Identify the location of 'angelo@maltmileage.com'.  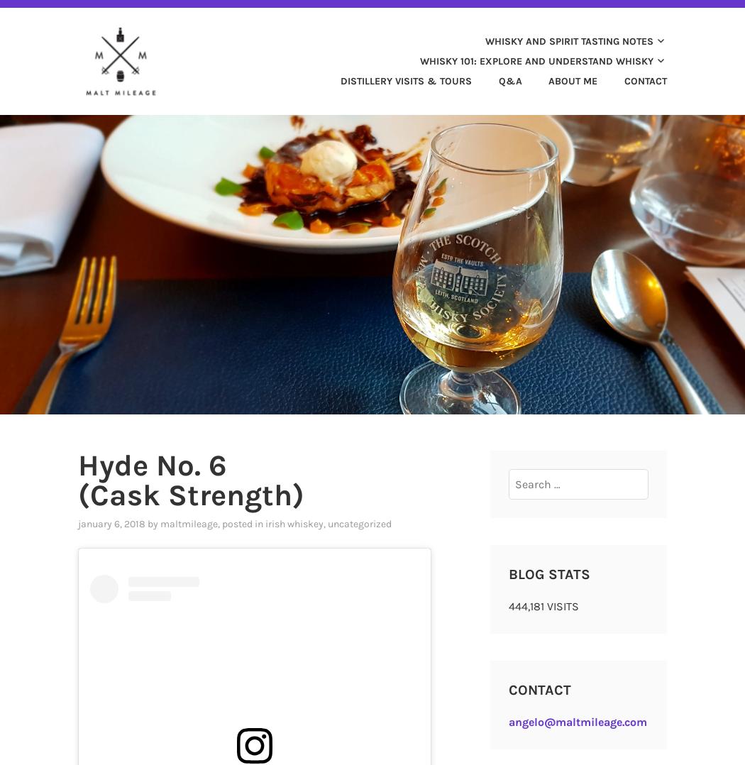
(576, 721).